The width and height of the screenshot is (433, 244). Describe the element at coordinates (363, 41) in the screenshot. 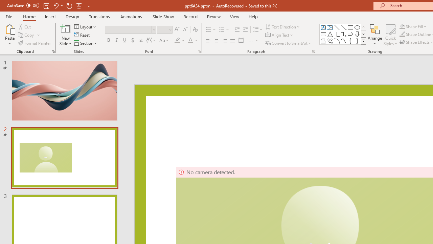

I see `'Class: NetUIImage'` at that location.